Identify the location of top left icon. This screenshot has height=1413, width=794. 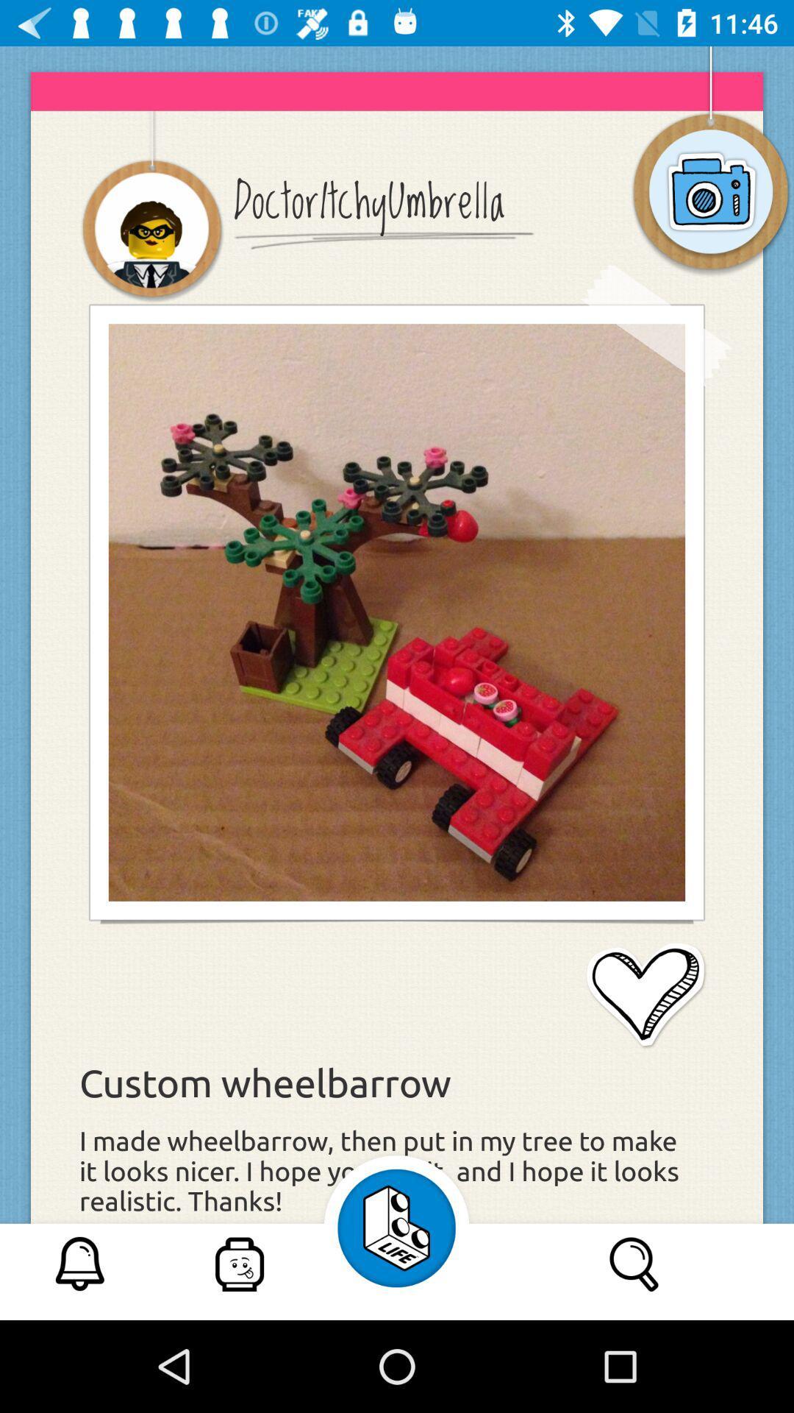
(151, 230).